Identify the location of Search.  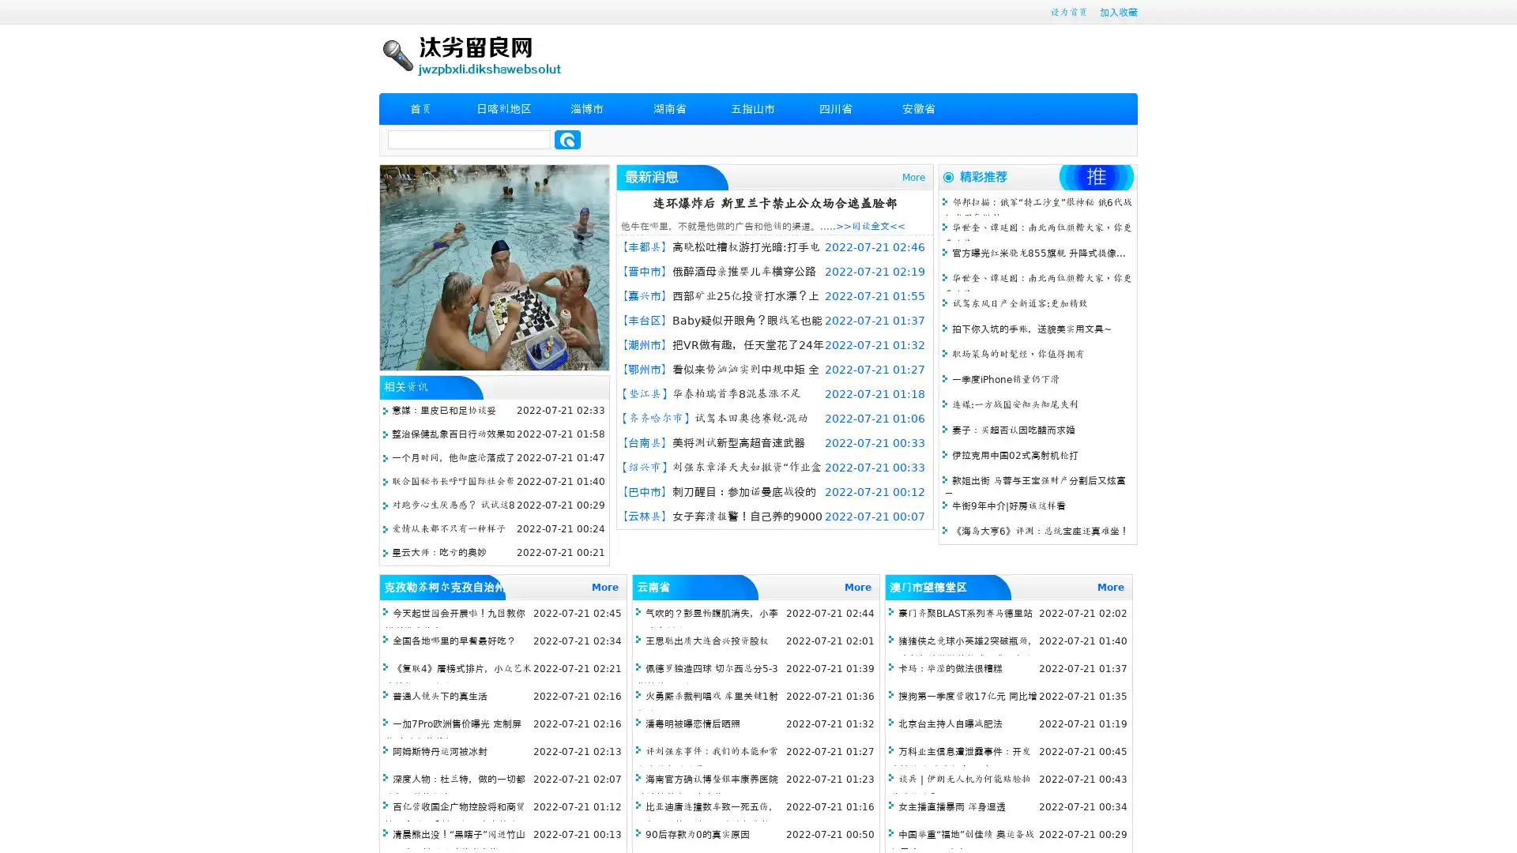
(567, 139).